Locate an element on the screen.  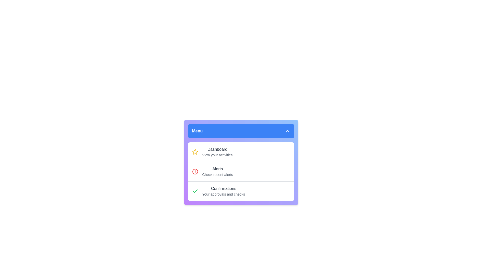
the significance of the yellow star icon located to the left of the 'Dashboard' menu item is located at coordinates (195, 152).